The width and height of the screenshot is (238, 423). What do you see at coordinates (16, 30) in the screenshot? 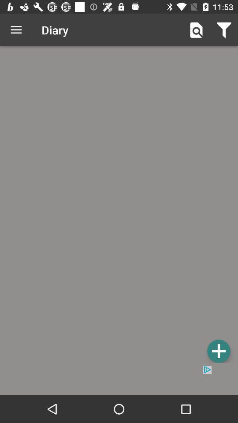
I see `the item to the left of diary item` at bounding box center [16, 30].